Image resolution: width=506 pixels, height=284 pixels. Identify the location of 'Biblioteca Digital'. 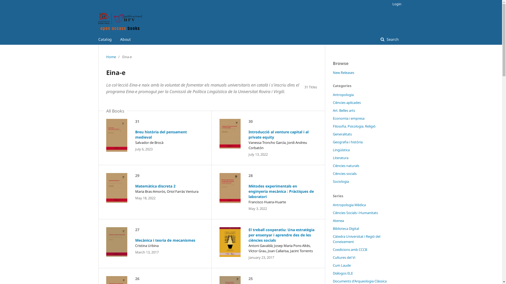
(346, 228).